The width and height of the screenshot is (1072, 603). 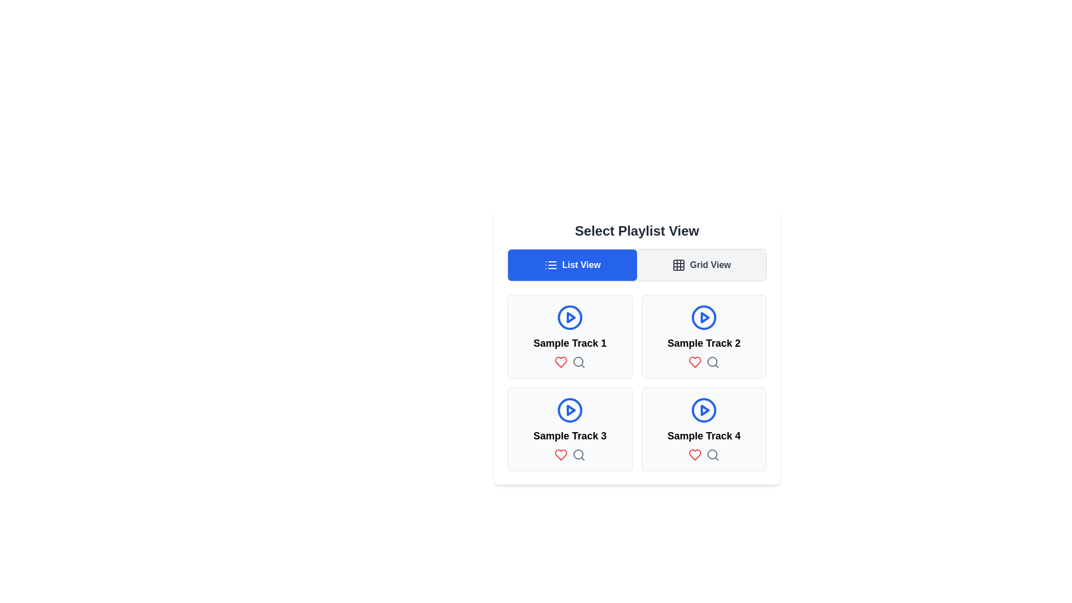 What do you see at coordinates (570, 410) in the screenshot?
I see `the circular outline within the play button icon located in the bottom-left item of the grid layout for 'Sample Track 3'` at bounding box center [570, 410].